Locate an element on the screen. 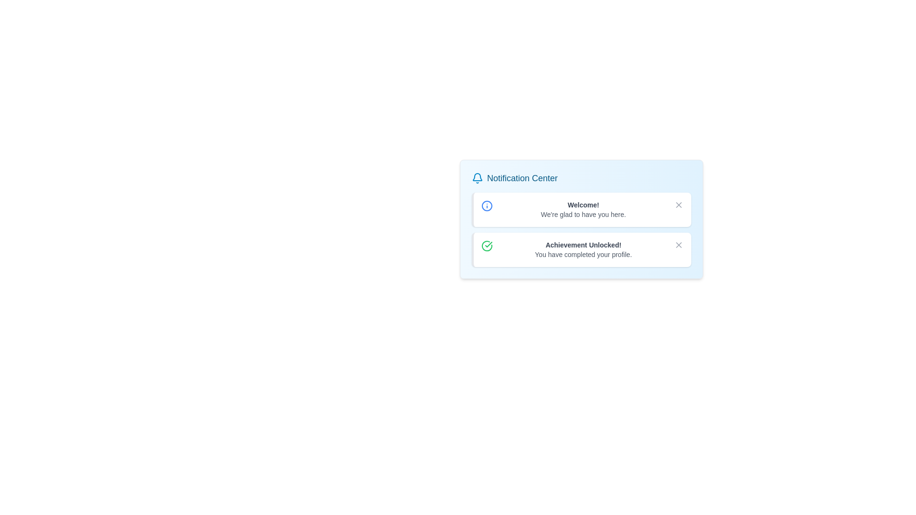  the blue outlined bell icon located within the 'Notification Center' is located at coordinates (478, 178).